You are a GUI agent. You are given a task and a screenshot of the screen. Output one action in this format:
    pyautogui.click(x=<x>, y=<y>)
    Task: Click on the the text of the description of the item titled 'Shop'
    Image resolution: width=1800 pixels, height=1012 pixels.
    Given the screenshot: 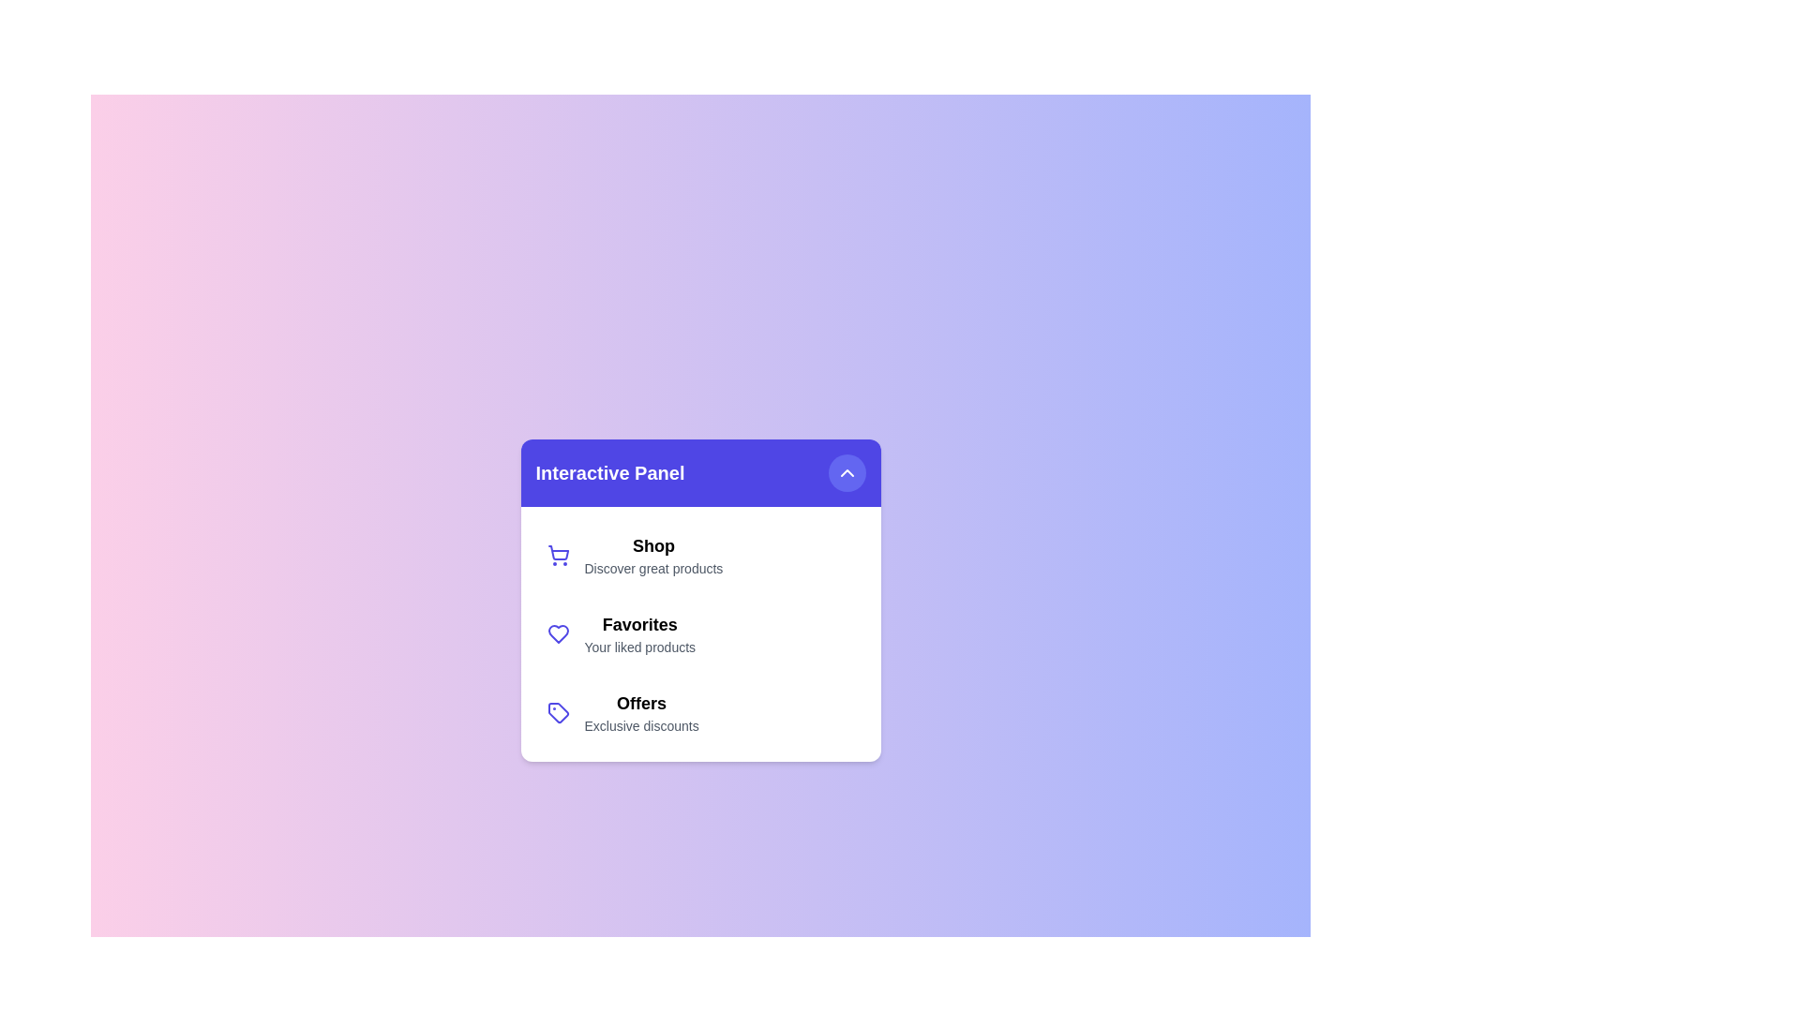 What is the action you would take?
    pyautogui.click(x=653, y=567)
    